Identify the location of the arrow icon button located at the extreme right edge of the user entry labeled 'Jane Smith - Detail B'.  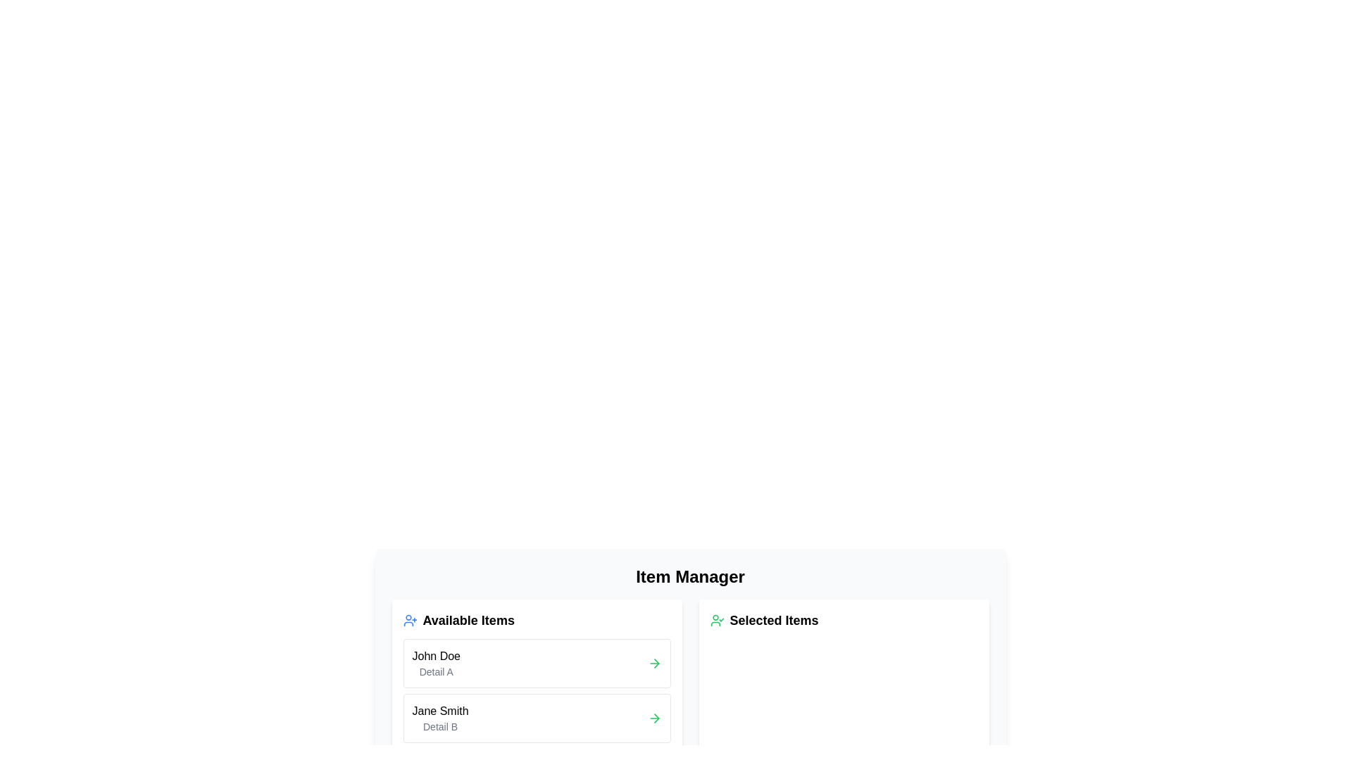
(655, 663).